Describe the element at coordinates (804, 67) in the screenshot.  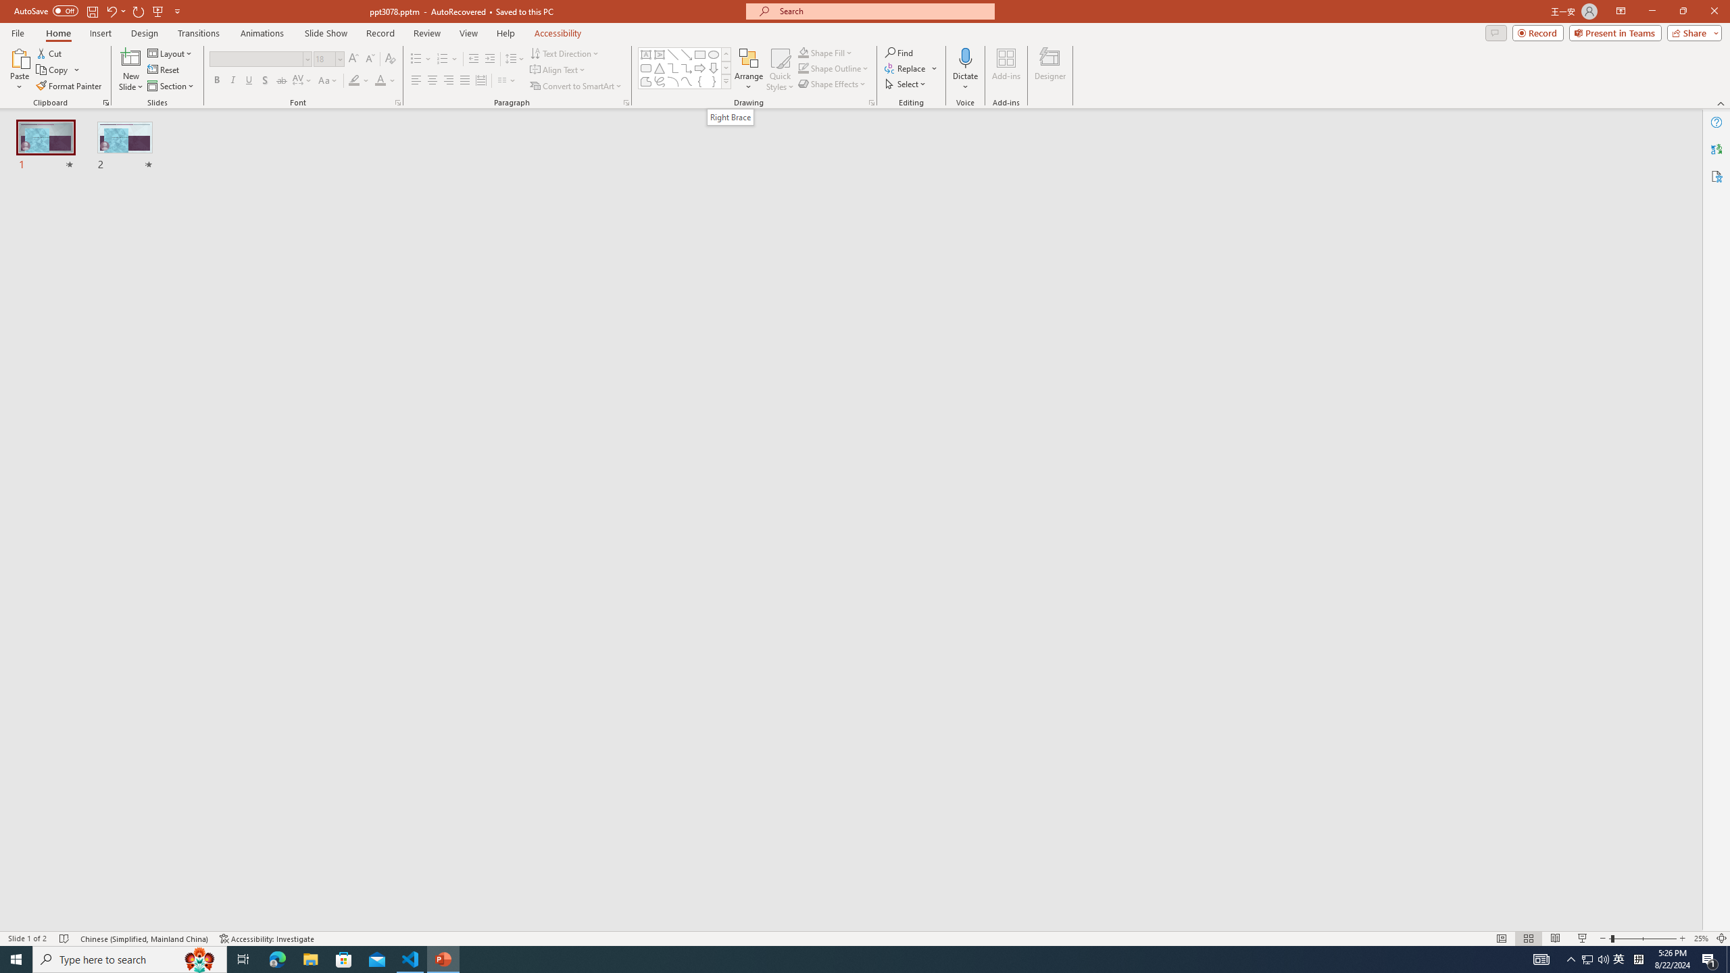
I see `'Shape Outline Green, Accent 1'` at that location.